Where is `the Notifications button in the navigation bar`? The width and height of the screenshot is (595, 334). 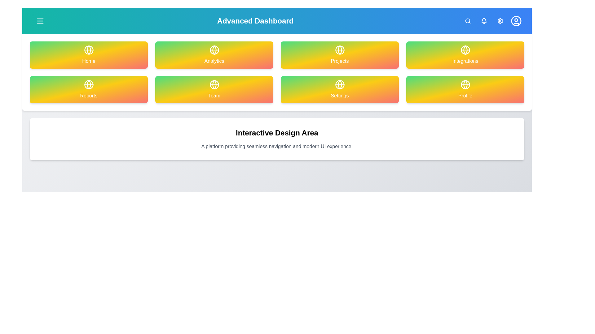
the Notifications button in the navigation bar is located at coordinates (483, 21).